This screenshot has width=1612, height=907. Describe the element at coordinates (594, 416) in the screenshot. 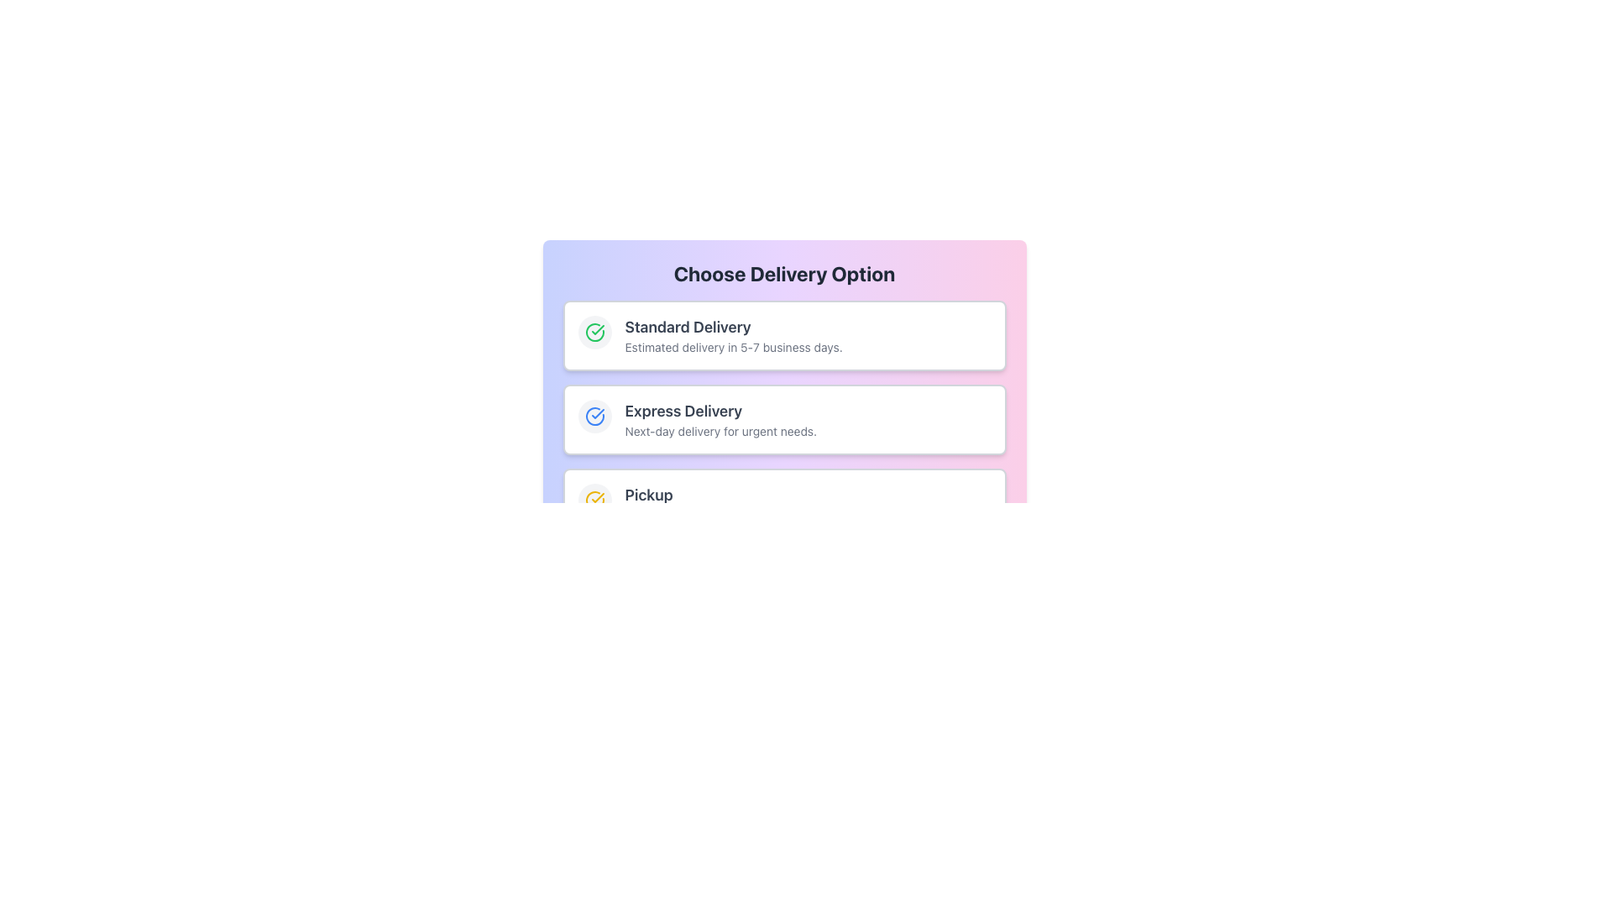

I see `the status represented by the 'Express Delivery' icon located to the left of the 'Express Delivery' text in the second delivery option card` at that location.